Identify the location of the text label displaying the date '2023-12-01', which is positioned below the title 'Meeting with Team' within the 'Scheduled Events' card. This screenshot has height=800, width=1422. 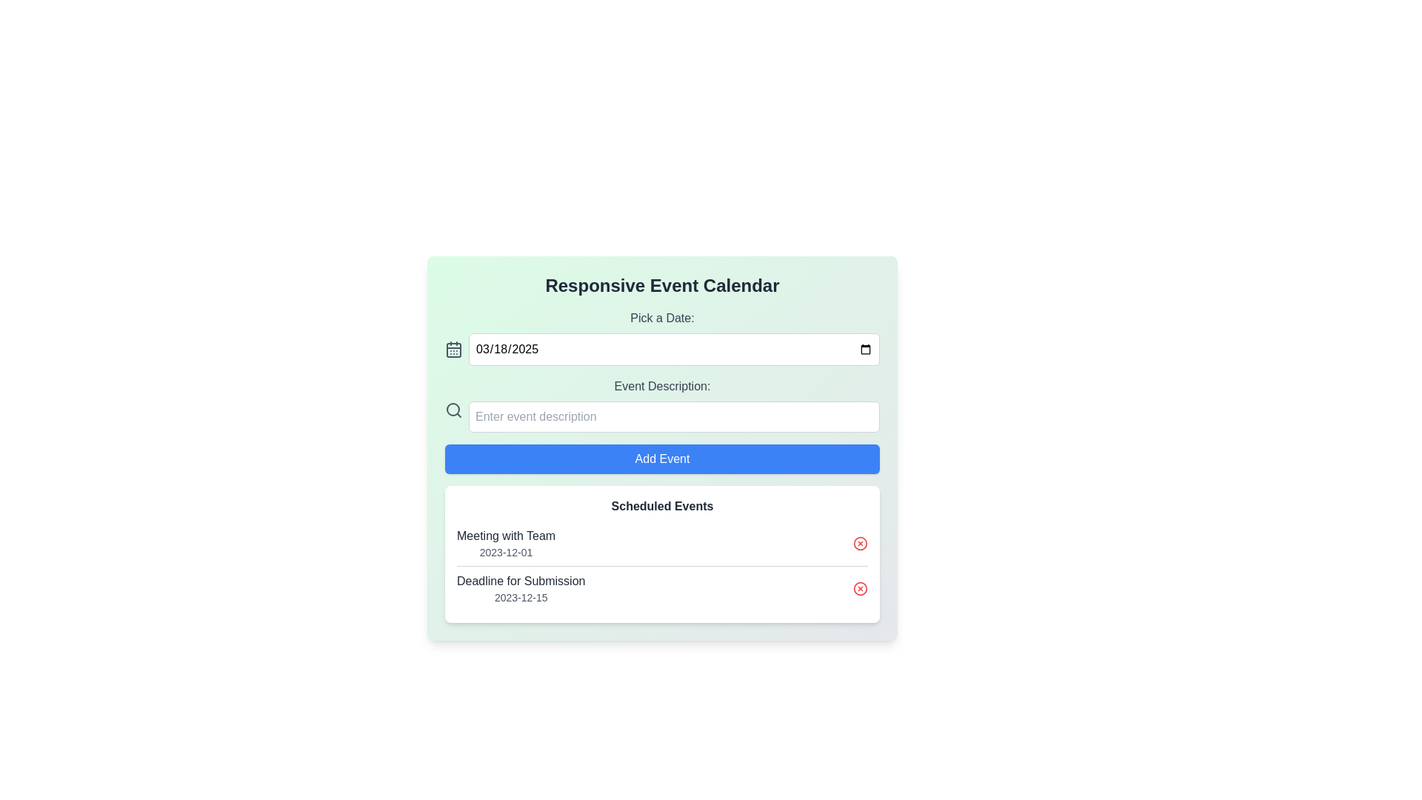
(506, 552).